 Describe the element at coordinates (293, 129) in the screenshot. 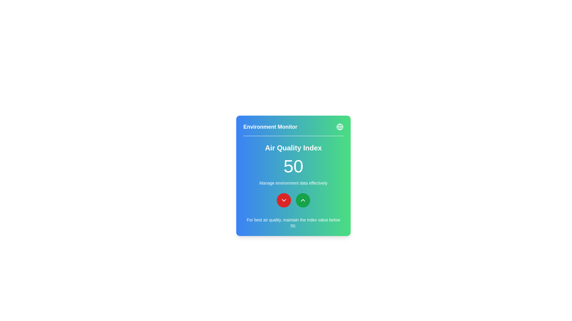

I see `text from the informational header indicating the title or category related to 'Environment Monitor', located at the top of the containing card` at that location.